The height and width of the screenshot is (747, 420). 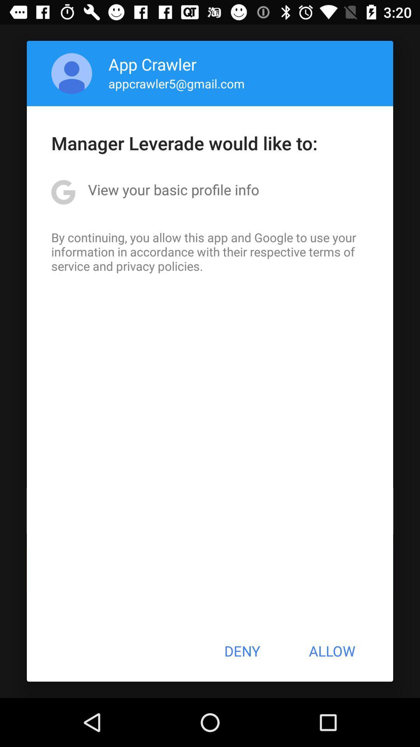 What do you see at coordinates (241, 651) in the screenshot?
I see `button to the left of allow button` at bounding box center [241, 651].